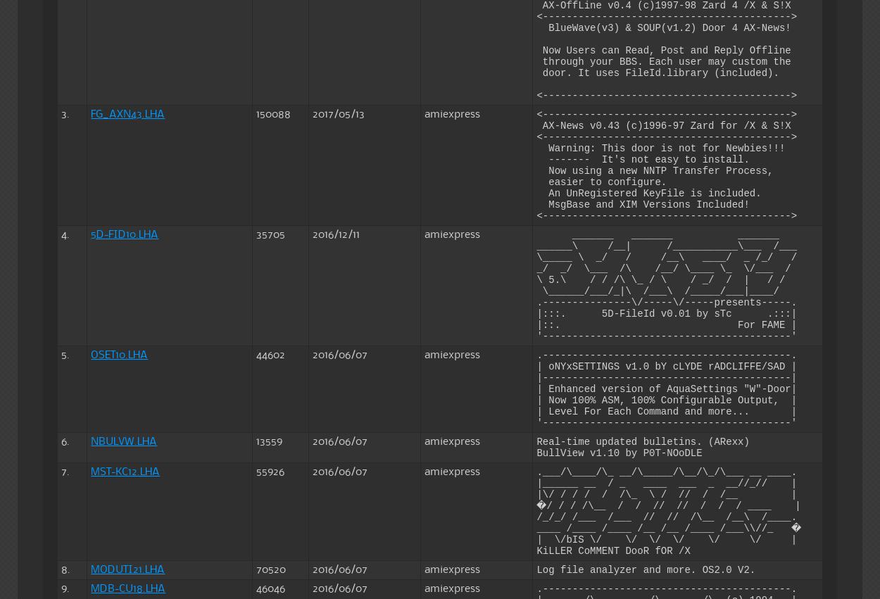 This screenshot has width=880, height=599. I want to click on '150088', so click(273, 113).